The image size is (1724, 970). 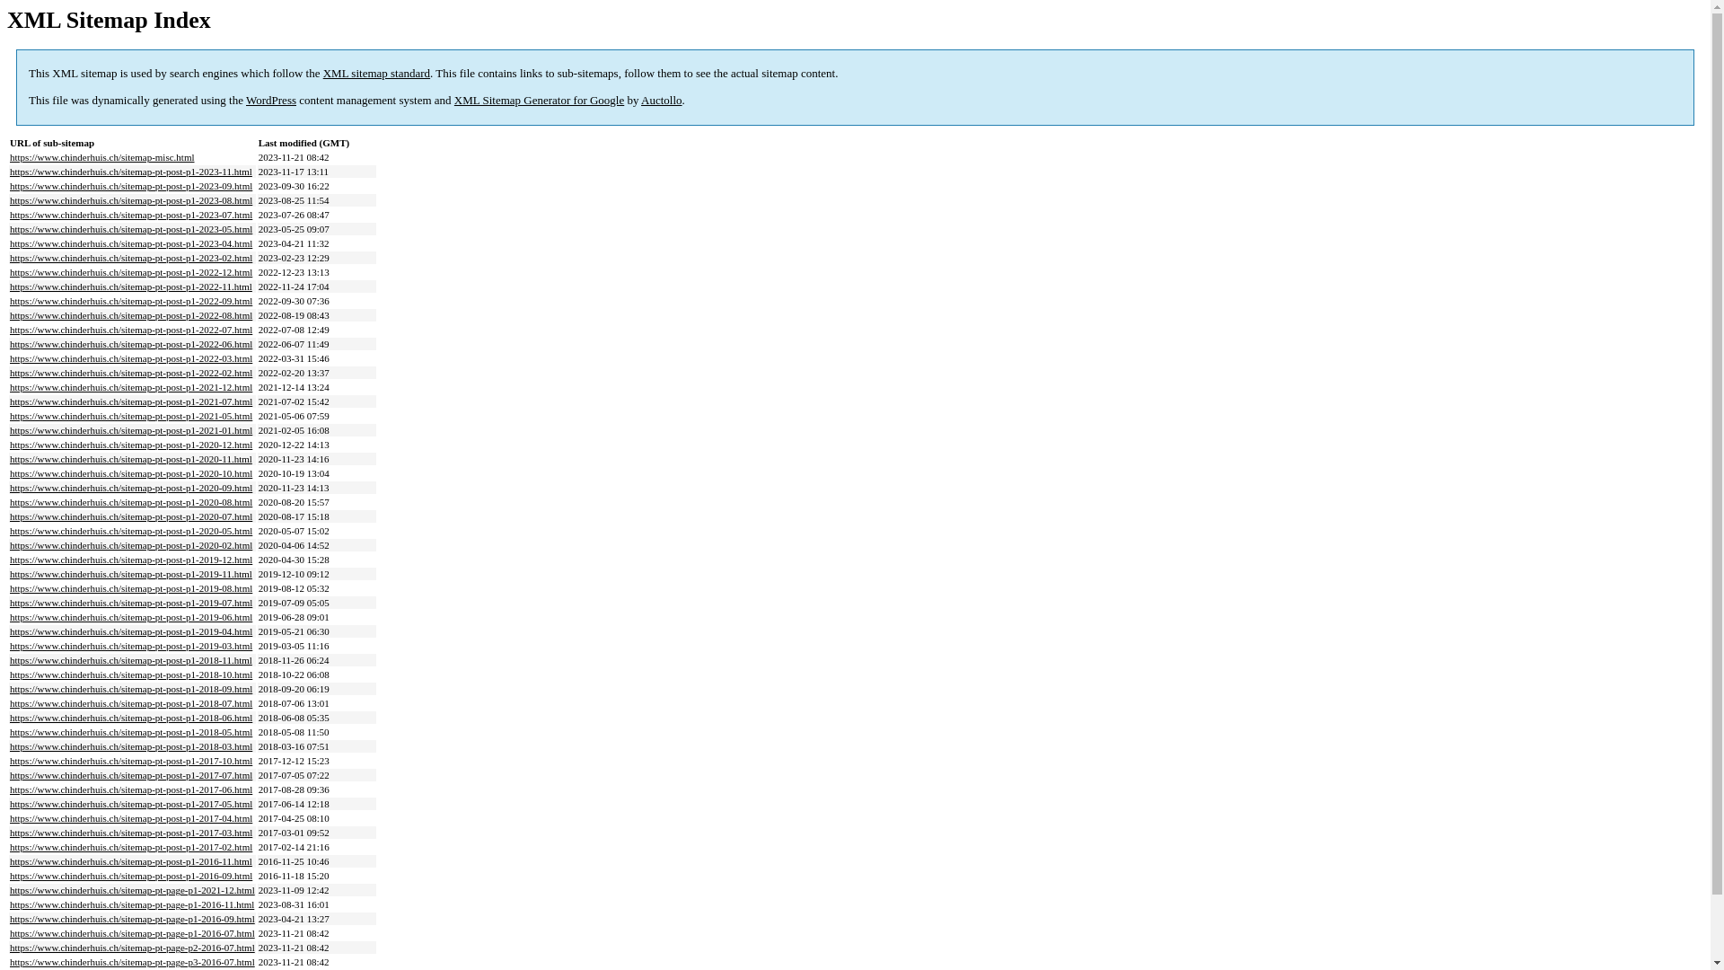 What do you see at coordinates (129, 242) in the screenshot?
I see `'https://www.chinderhuis.ch/sitemap-pt-post-p1-2023-04.html'` at bounding box center [129, 242].